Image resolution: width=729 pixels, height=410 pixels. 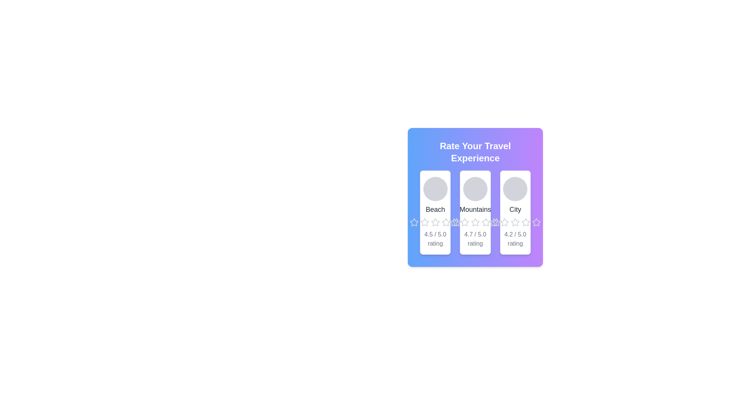 What do you see at coordinates (515, 222) in the screenshot?
I see `the fifth star-shaped Rating Star Icon, which is located under the card labeled 'City' in the row of rating icons` at bounding box center [515, 222].